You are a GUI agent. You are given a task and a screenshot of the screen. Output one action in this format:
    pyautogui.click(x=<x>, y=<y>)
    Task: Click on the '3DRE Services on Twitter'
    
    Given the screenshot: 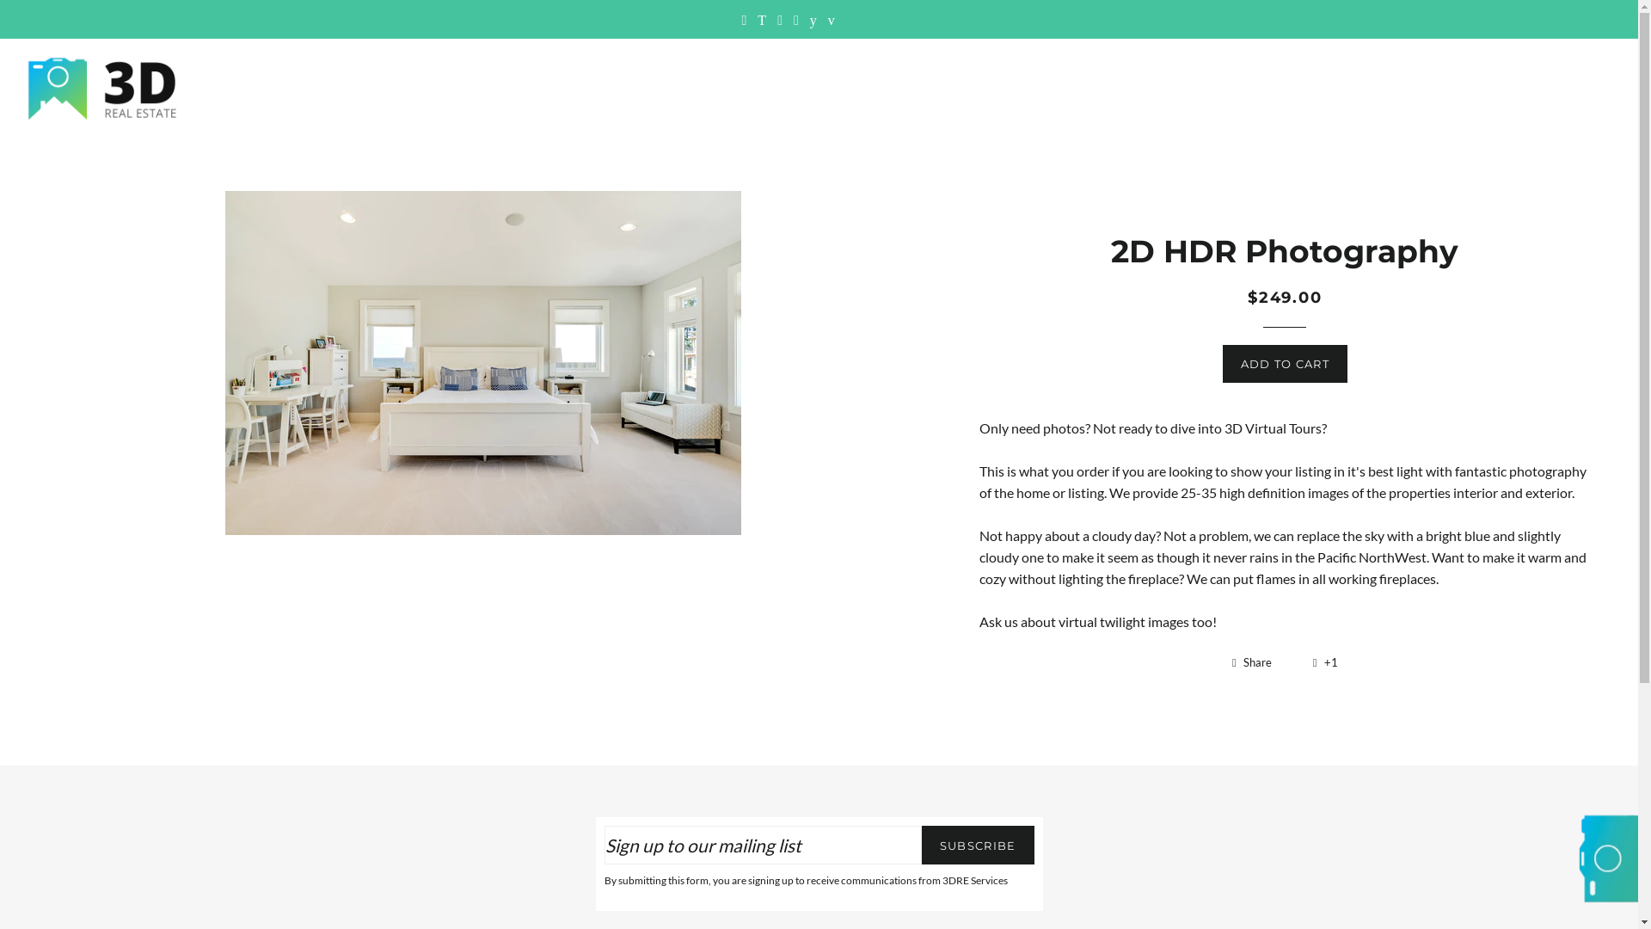 What is the action you would take?
    pyautogui.click(x=761, y=19)
    